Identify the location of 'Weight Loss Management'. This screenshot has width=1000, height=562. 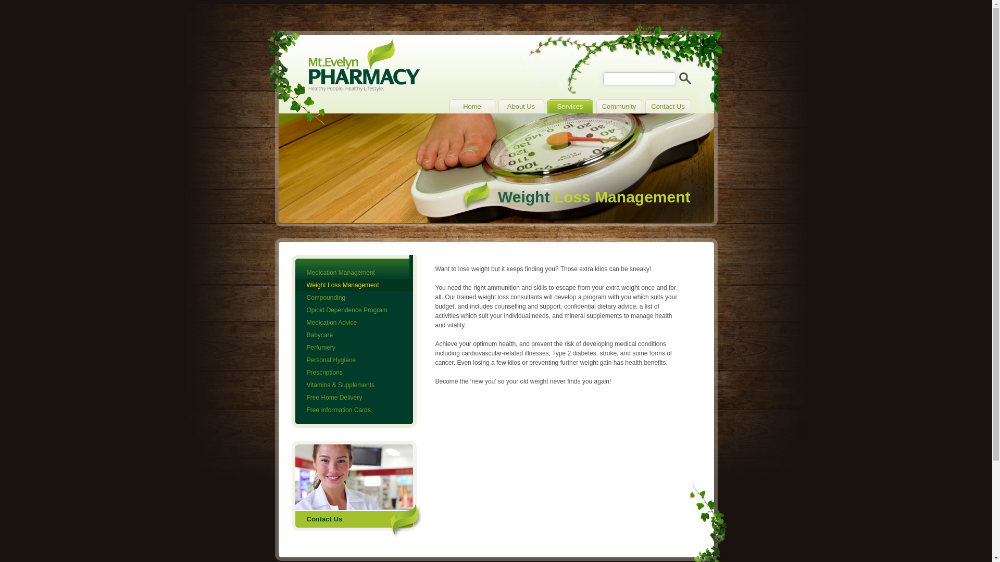
(294, 285).